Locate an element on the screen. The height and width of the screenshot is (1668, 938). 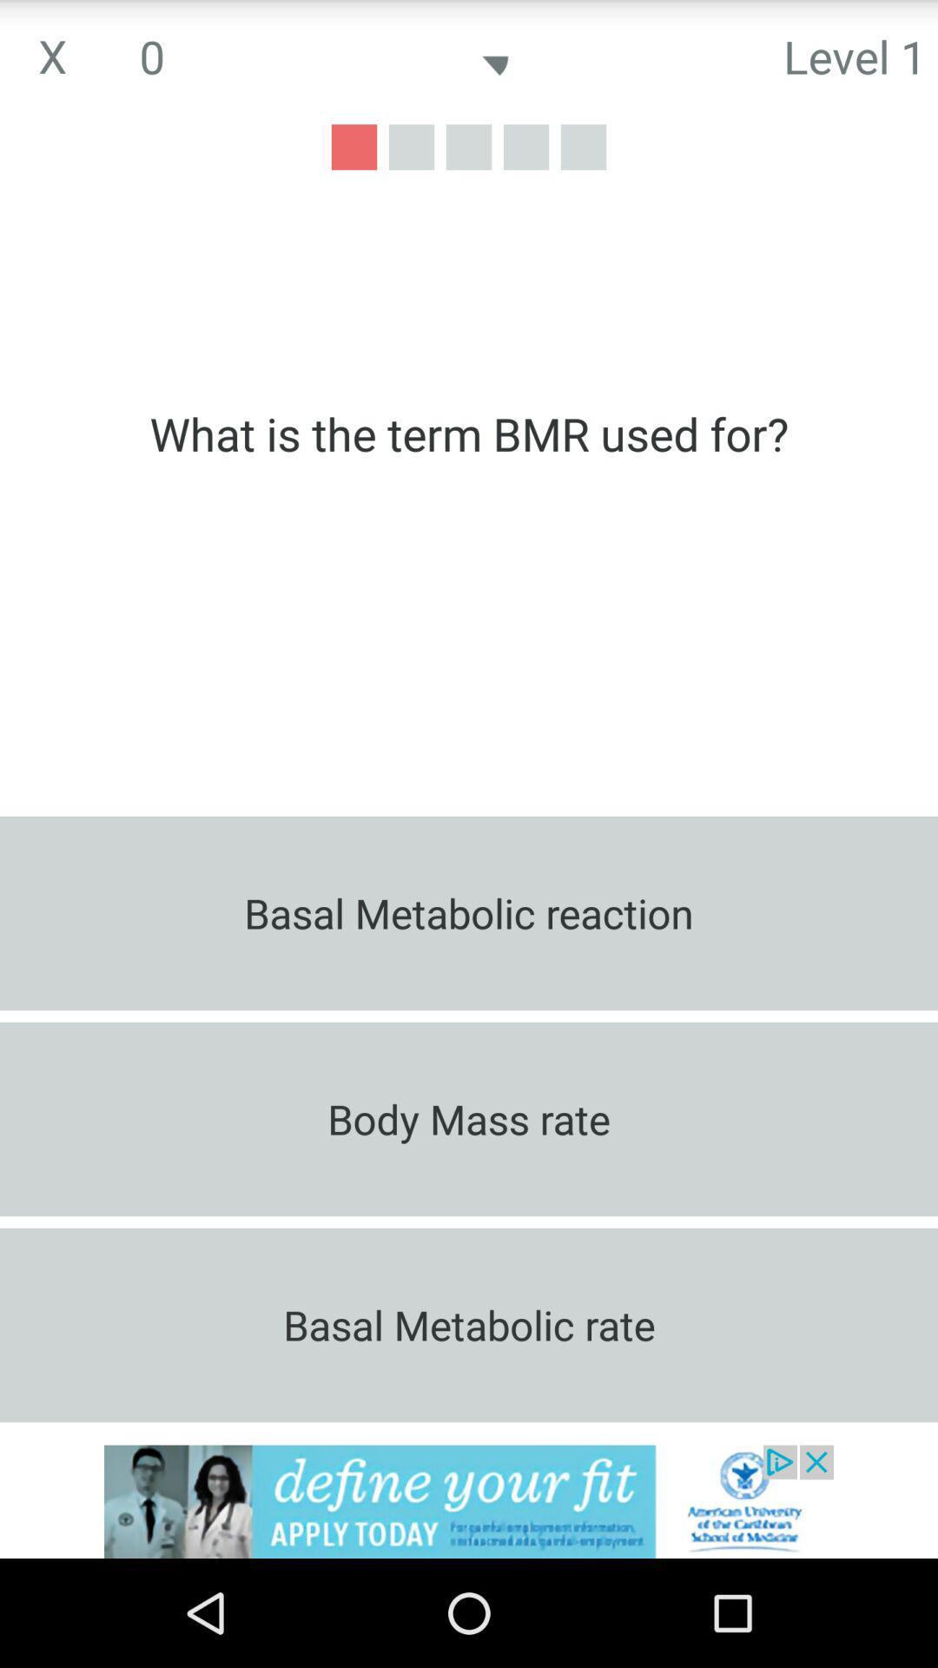
advertisements place is located at coordinates (469, 1500).